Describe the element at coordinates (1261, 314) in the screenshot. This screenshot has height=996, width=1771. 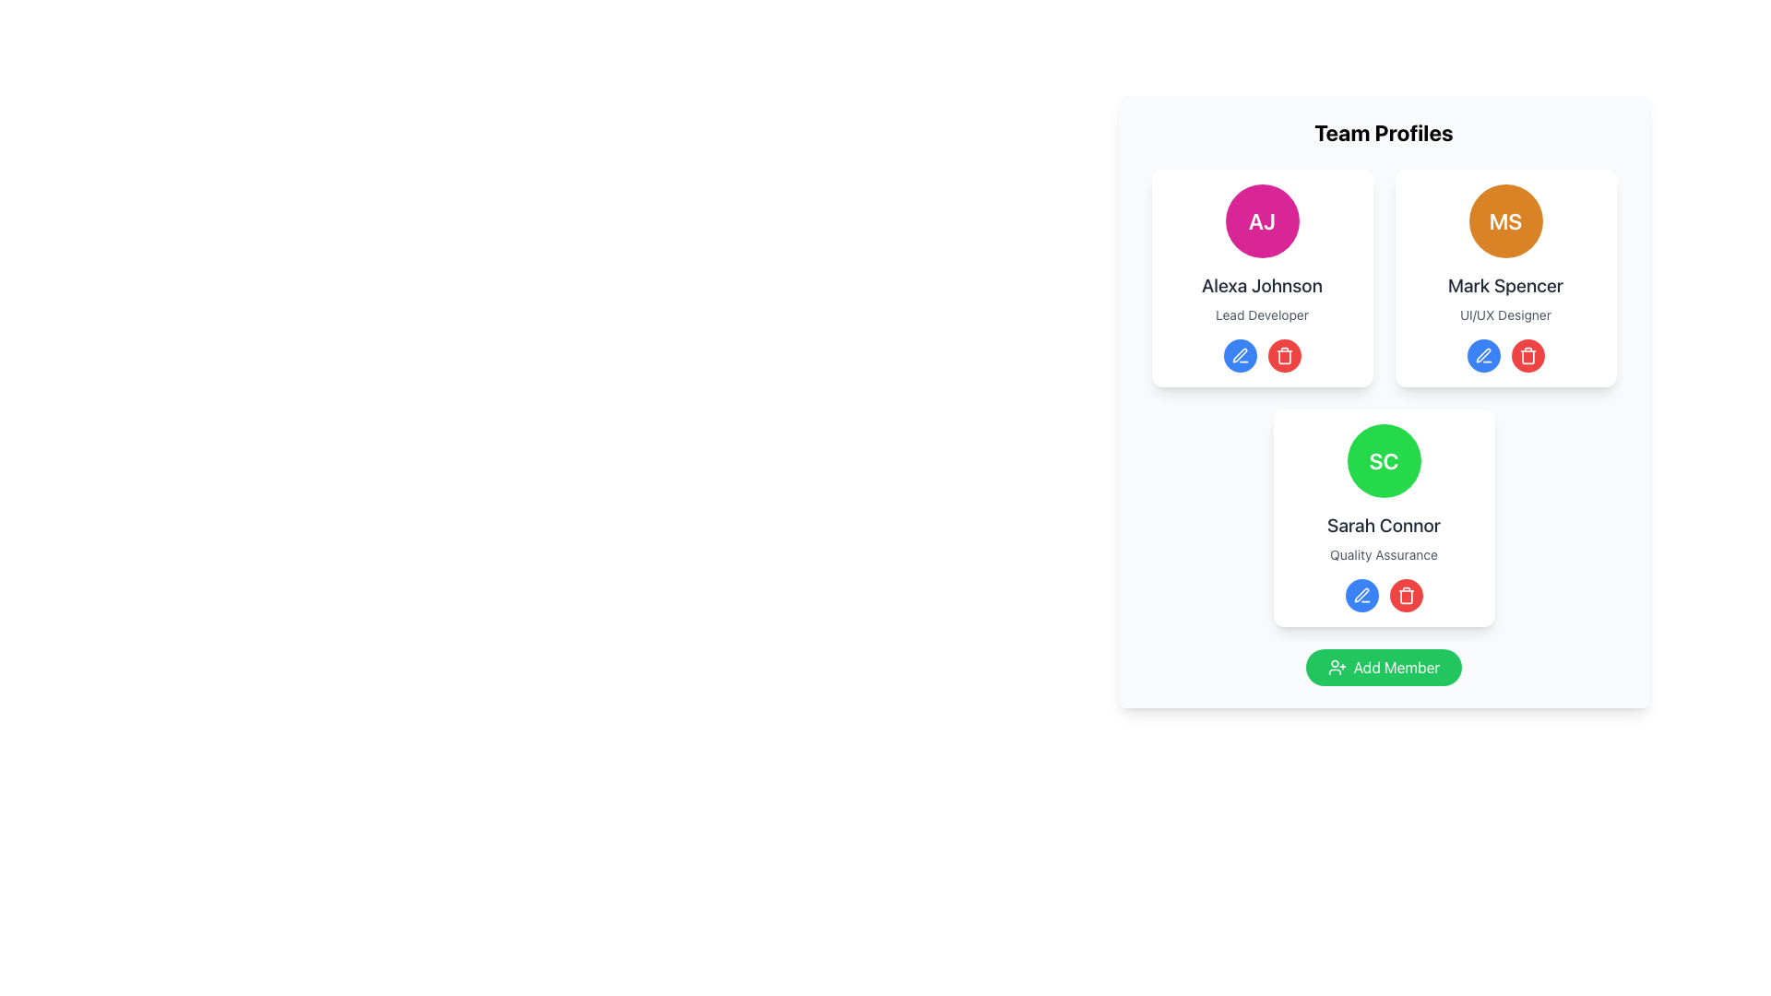
I see `the text label displaying 'Lead Developer' in light gray, positioned below 'Alexa Johnson' in the card associated with her` at that location.